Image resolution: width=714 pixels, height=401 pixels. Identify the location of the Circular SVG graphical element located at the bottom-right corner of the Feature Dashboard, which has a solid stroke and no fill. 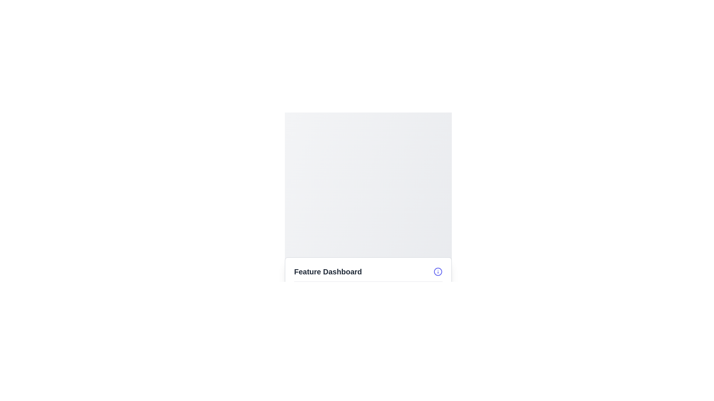
(438, 271).